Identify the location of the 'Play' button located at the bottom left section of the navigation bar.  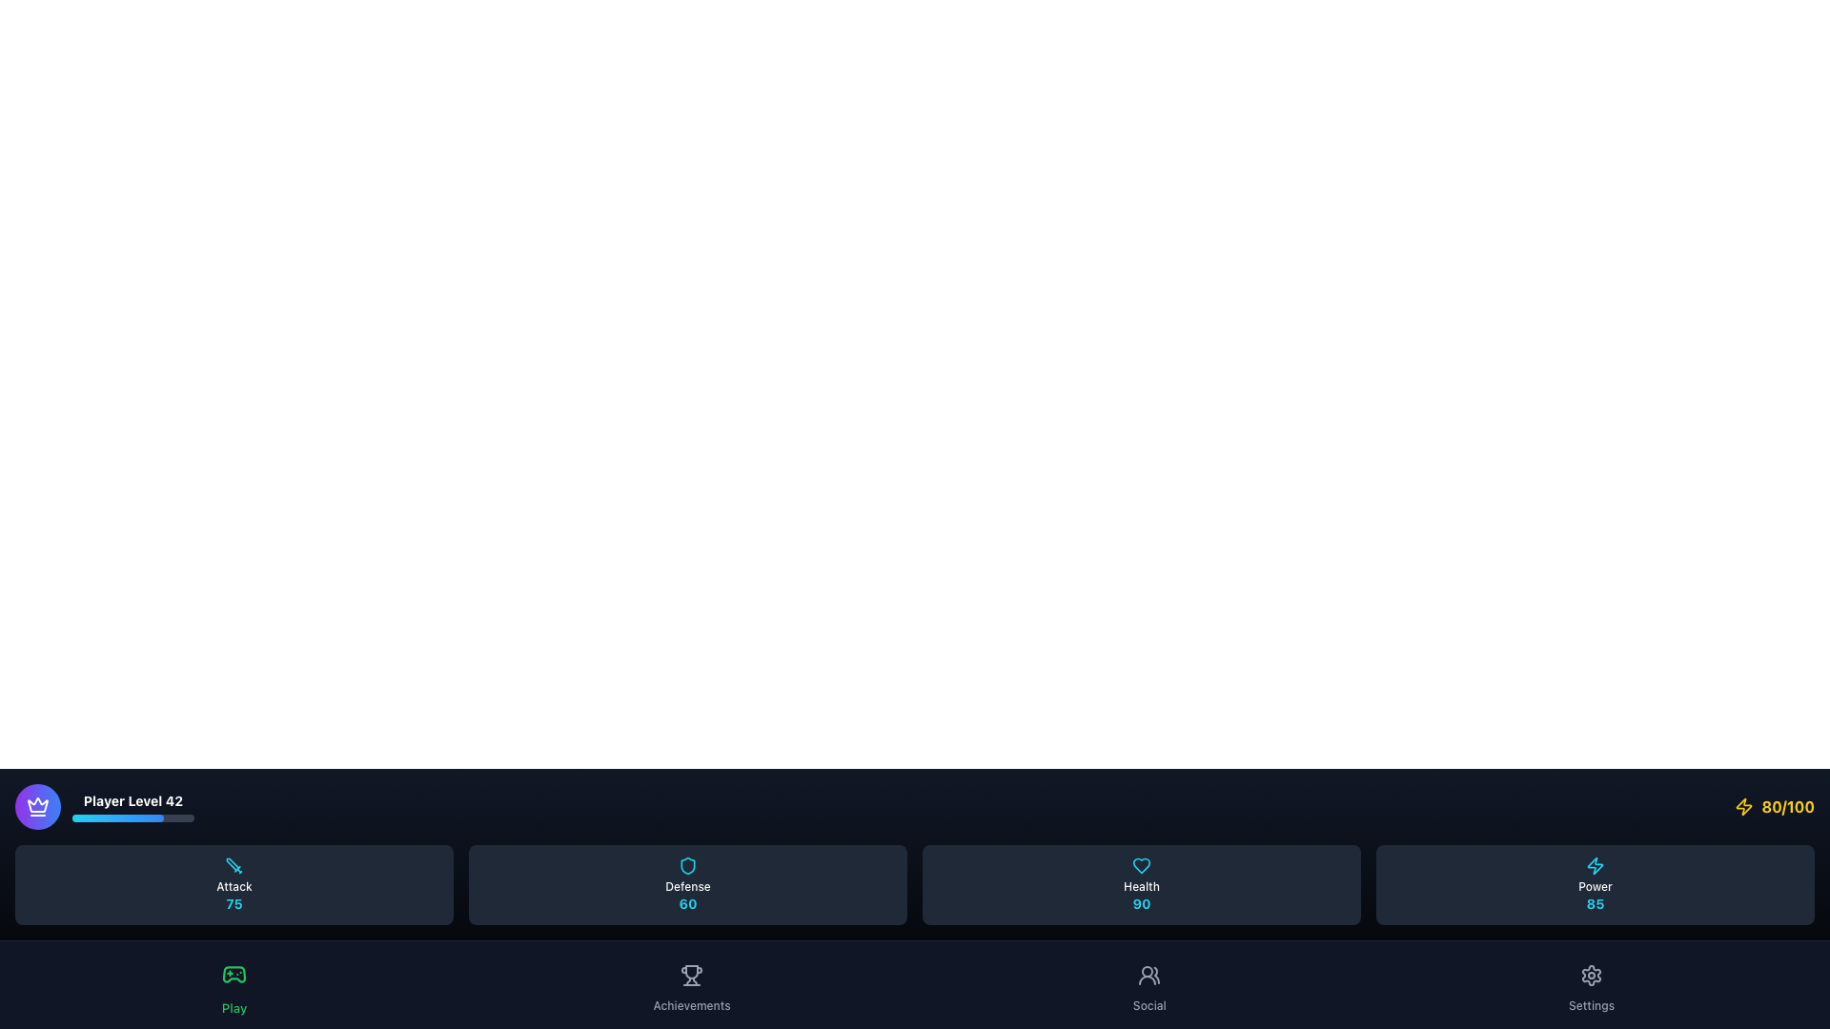
(233, 984).